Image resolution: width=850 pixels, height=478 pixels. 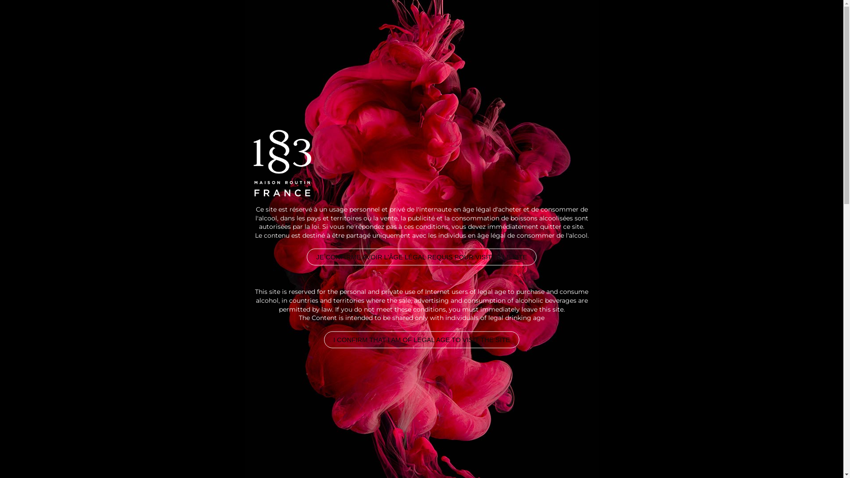 I want to click on 'MAISON ROUTIN', so click(x=617, y=35).